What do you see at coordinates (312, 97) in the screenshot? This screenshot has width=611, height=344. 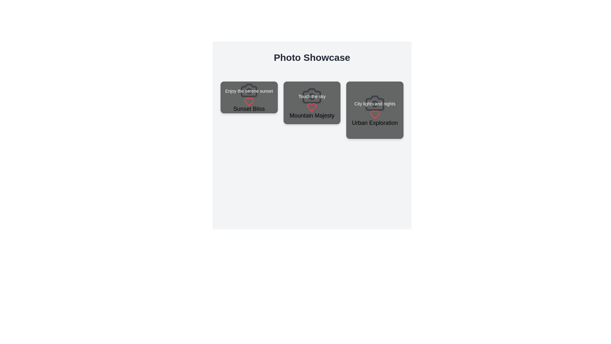 I see `the SVG circle located at the center of the camera icon in the second card labeled 'Mountain Majesty'` at bounding box center [312, 97].